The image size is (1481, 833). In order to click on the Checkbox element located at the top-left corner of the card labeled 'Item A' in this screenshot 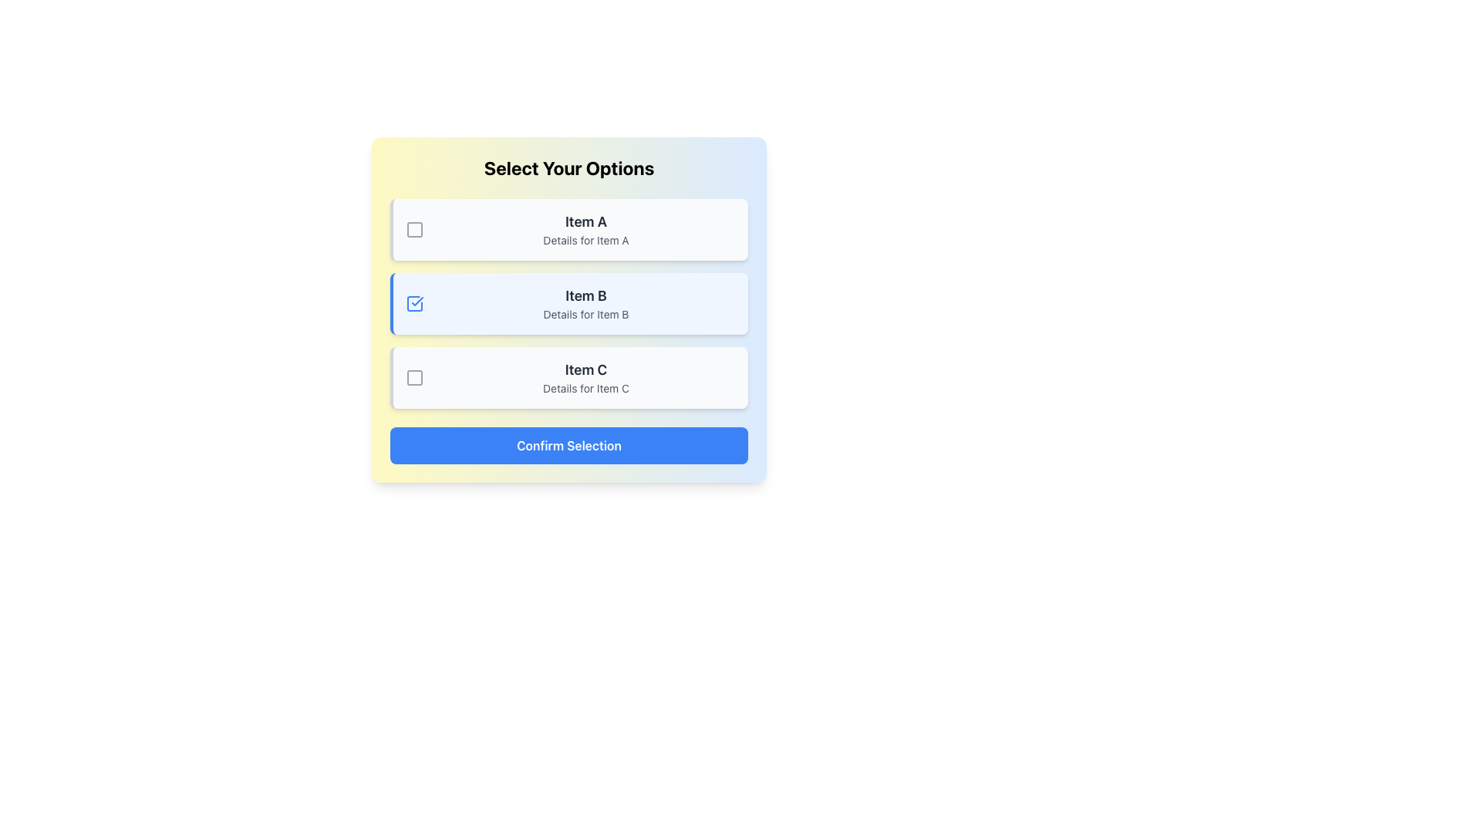, I will do `click(414, 229)`.